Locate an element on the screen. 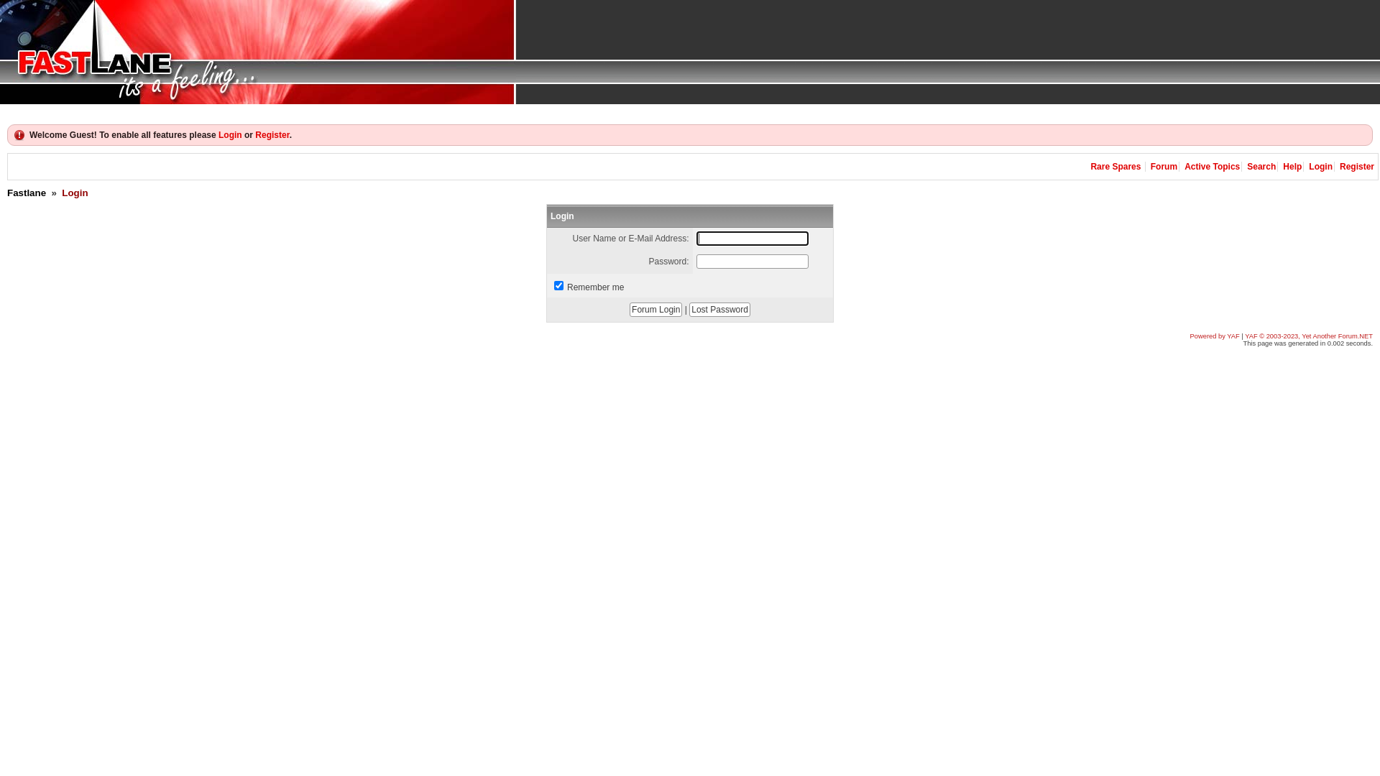  'Fastlane' is located at coordinates (27, 192).